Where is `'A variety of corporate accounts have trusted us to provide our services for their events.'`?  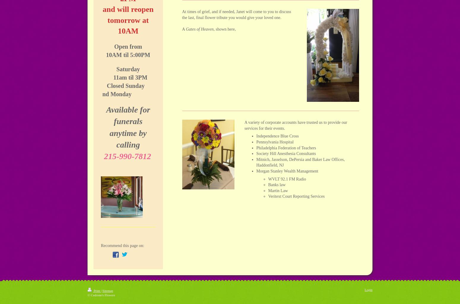 'A variety of corporate accounts have trusted us to provide our services for their events.' is located at coordinates (295, 125).